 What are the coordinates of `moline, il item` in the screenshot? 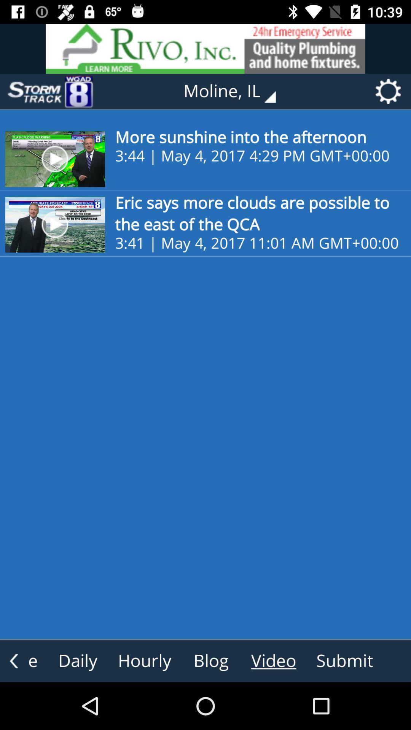 It's located at (235, 91).